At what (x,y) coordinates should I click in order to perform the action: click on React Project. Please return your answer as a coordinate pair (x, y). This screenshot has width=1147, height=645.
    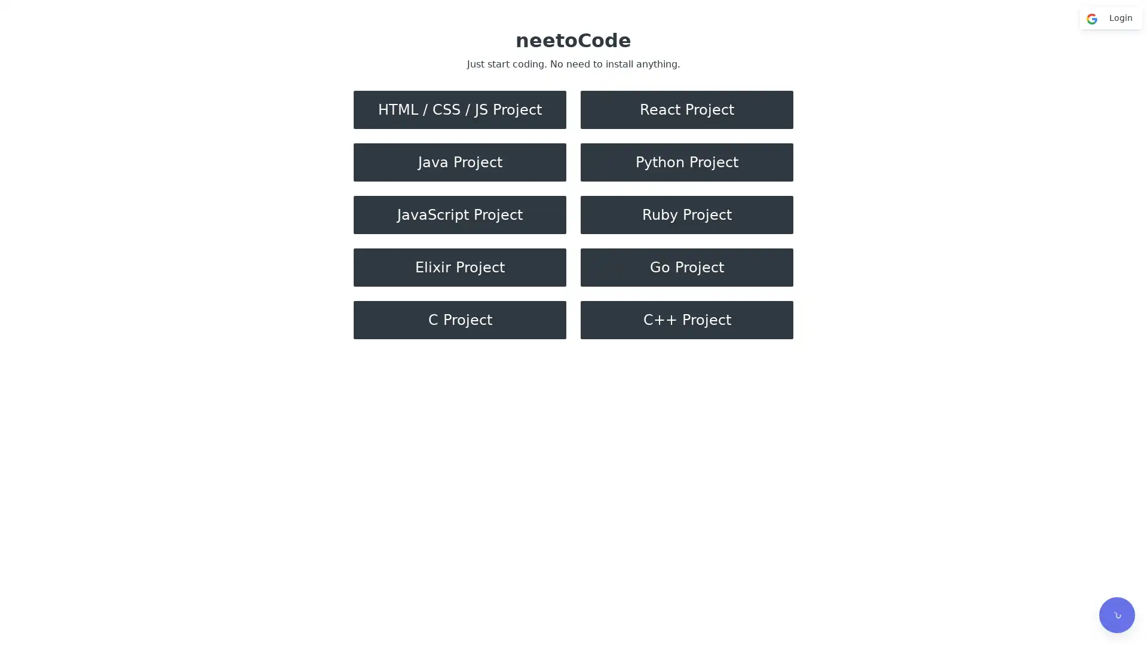
    Looking at the image, I should click on (687, 110).